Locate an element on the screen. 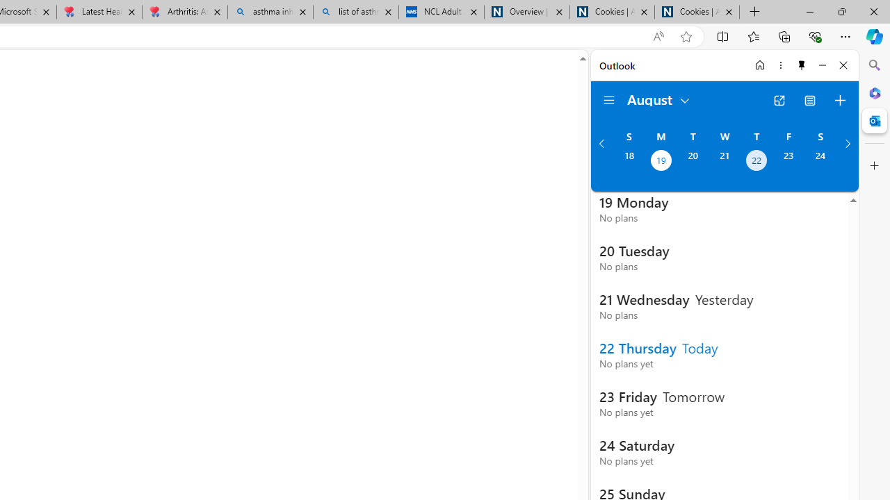  'View Switcher. Current view is Agenda view' is located at coordinates (810, 100).